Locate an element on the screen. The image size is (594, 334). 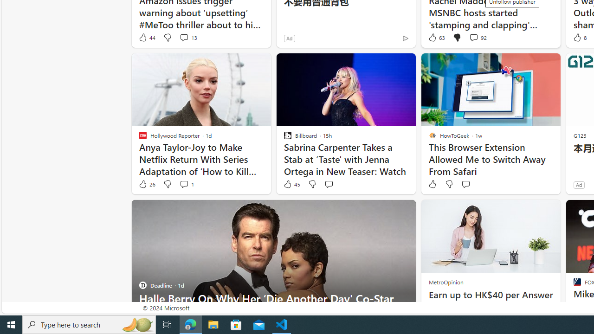
'44 Like' is located at coordinates (146, 37).